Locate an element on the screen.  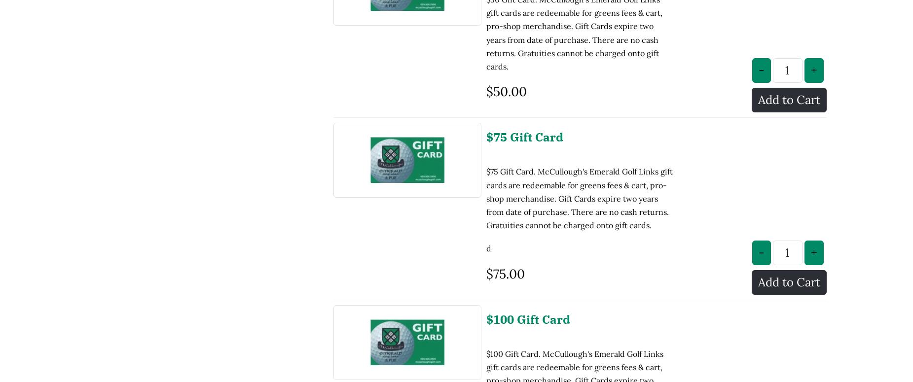
'$50.00' is located at coordinates (485, 10).